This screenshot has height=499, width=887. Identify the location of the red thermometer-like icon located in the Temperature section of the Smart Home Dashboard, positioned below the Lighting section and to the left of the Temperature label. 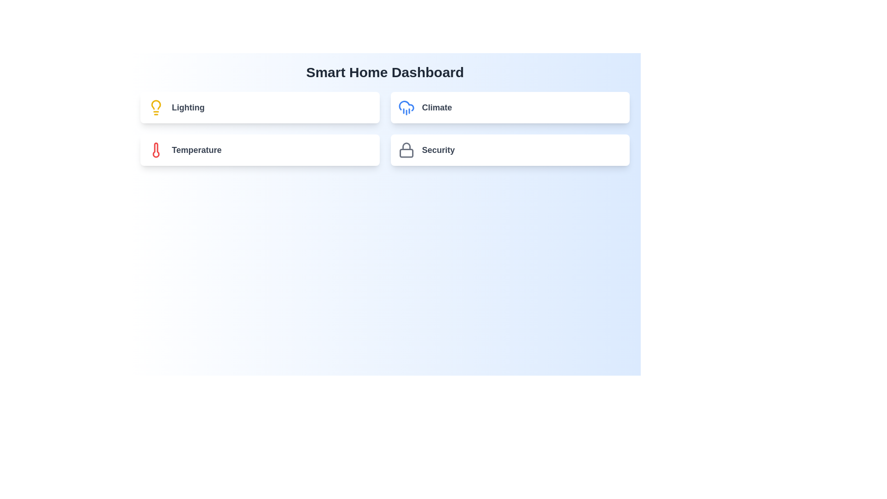
(156, 149).